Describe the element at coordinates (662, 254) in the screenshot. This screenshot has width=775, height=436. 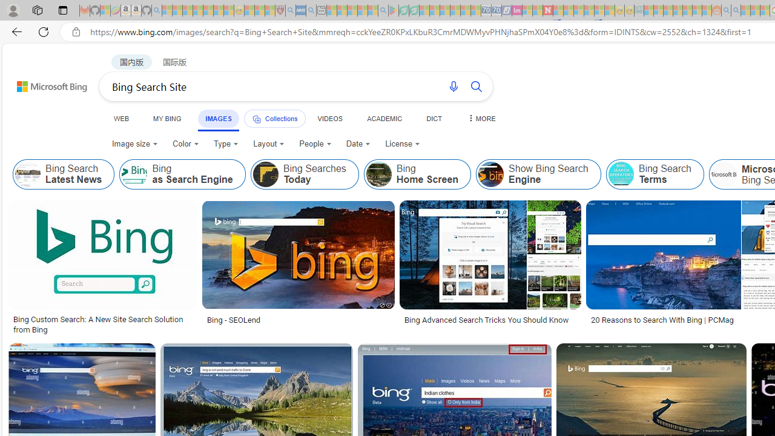
I see `'Image result for Bing Search Site'` at that location.